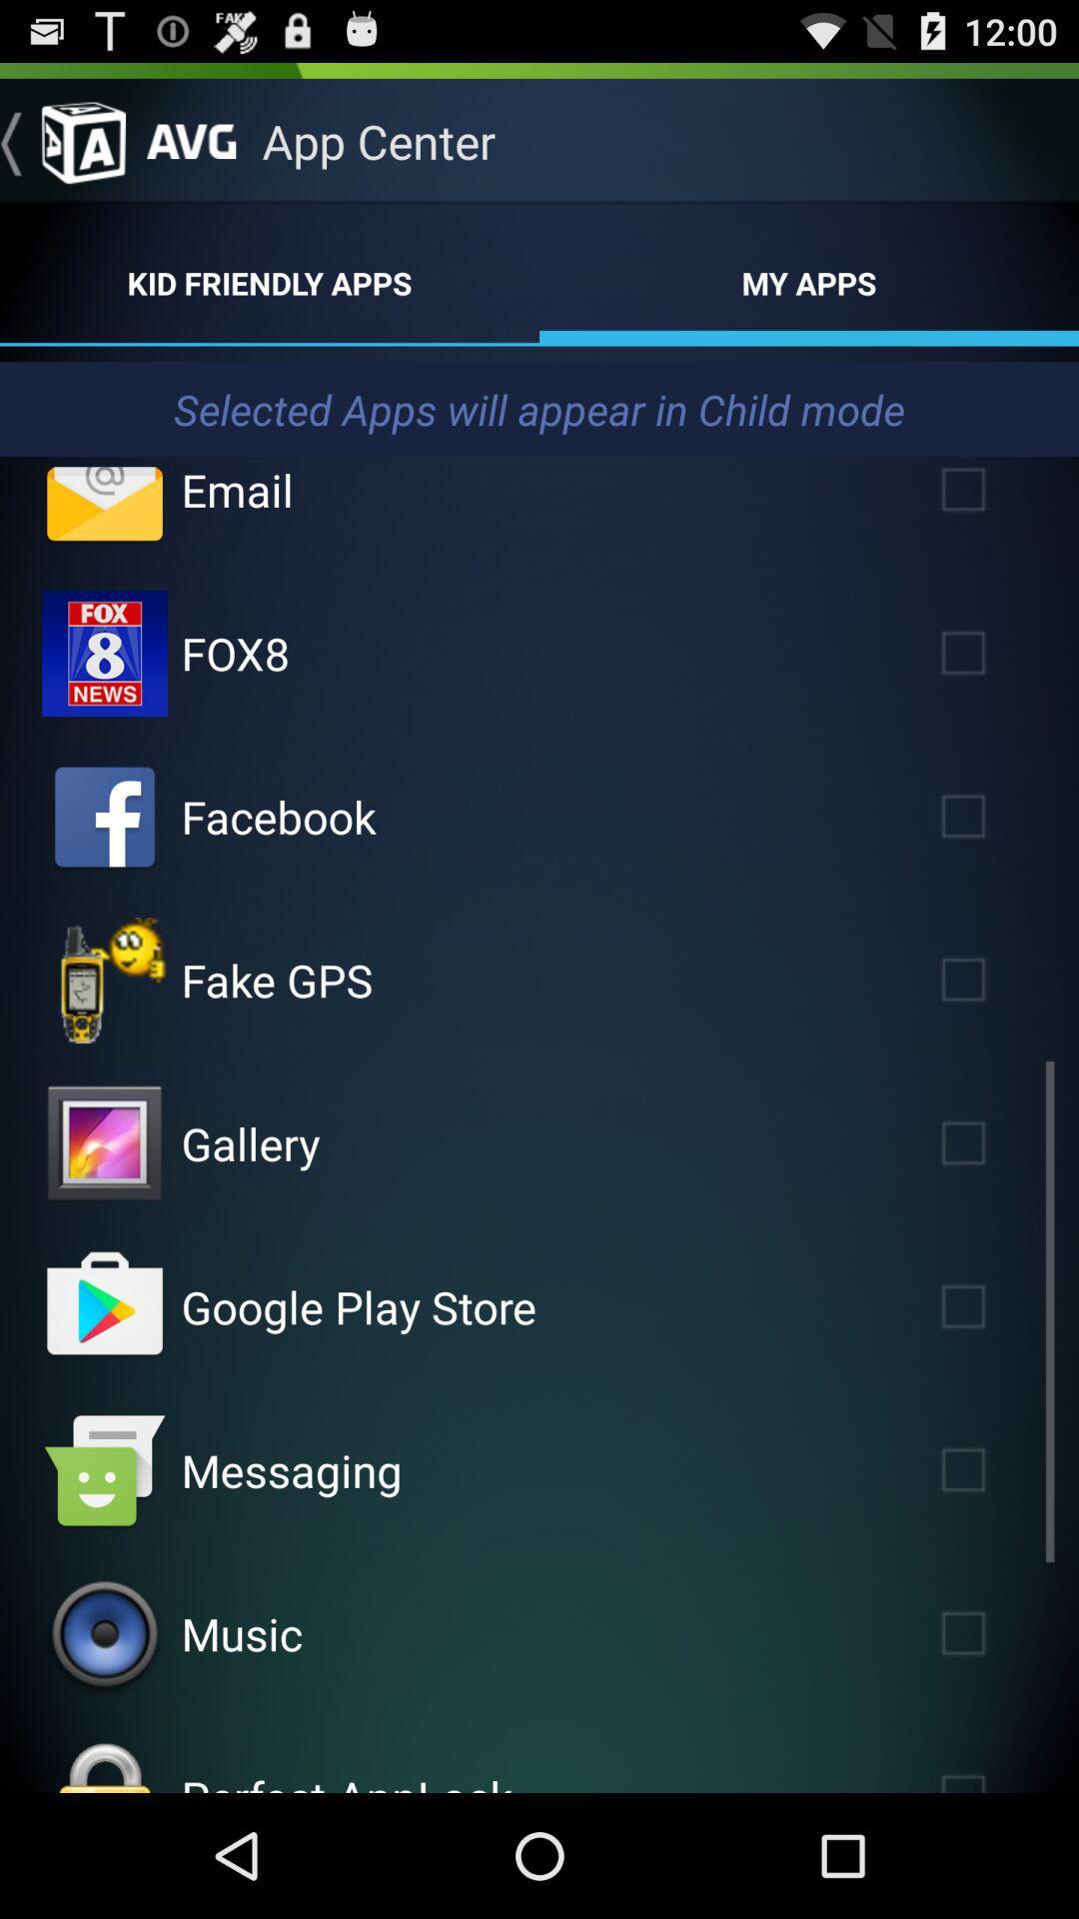 The image size is (1079, 1919). What do you see at coordinates (104, 653) in the screenshot?
I see `open fox8 app information` at bounding box center [104, 653].